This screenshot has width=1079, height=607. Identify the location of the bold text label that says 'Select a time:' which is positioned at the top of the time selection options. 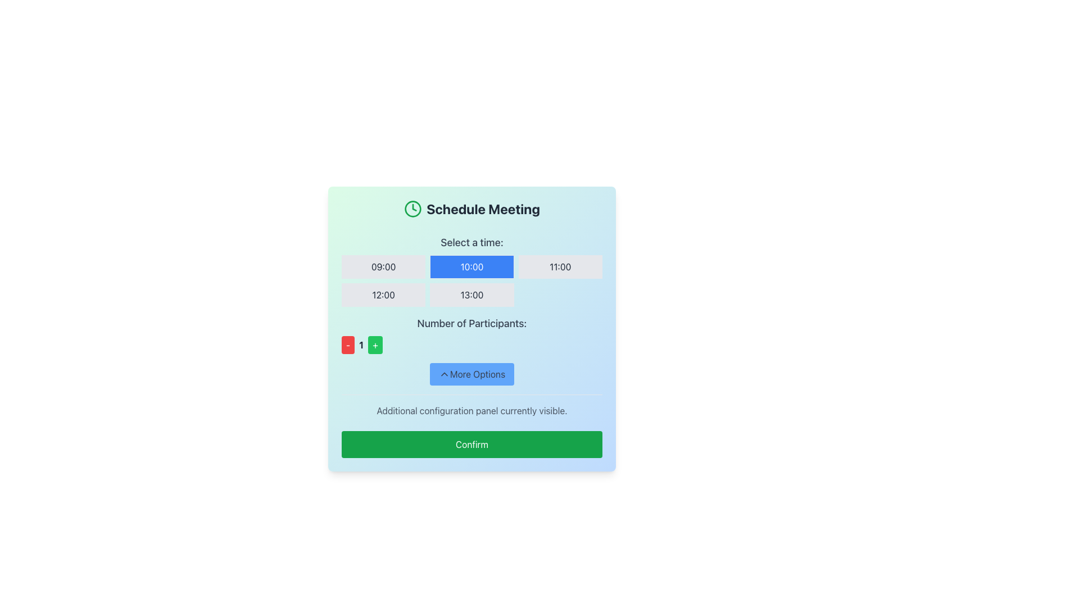
(472, 242).